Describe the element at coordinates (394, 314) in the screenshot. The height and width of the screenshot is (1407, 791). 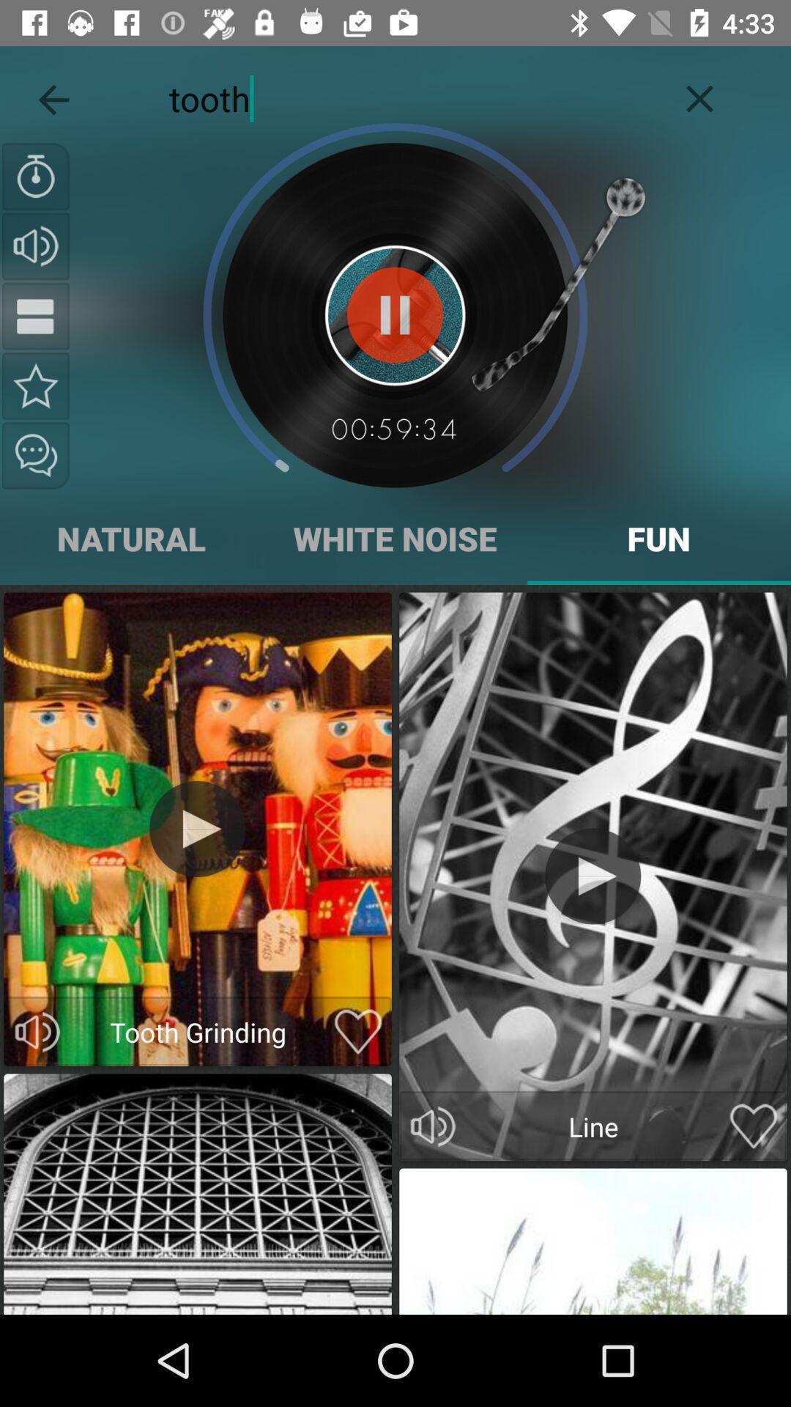
I see `pause playing option` at that location.